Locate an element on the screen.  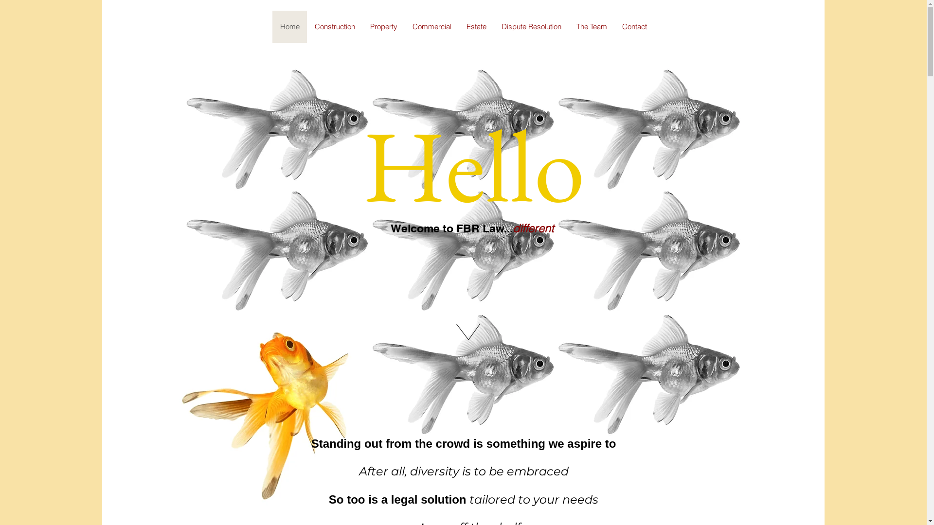
'The Team' is located at coordinates (568, 26).